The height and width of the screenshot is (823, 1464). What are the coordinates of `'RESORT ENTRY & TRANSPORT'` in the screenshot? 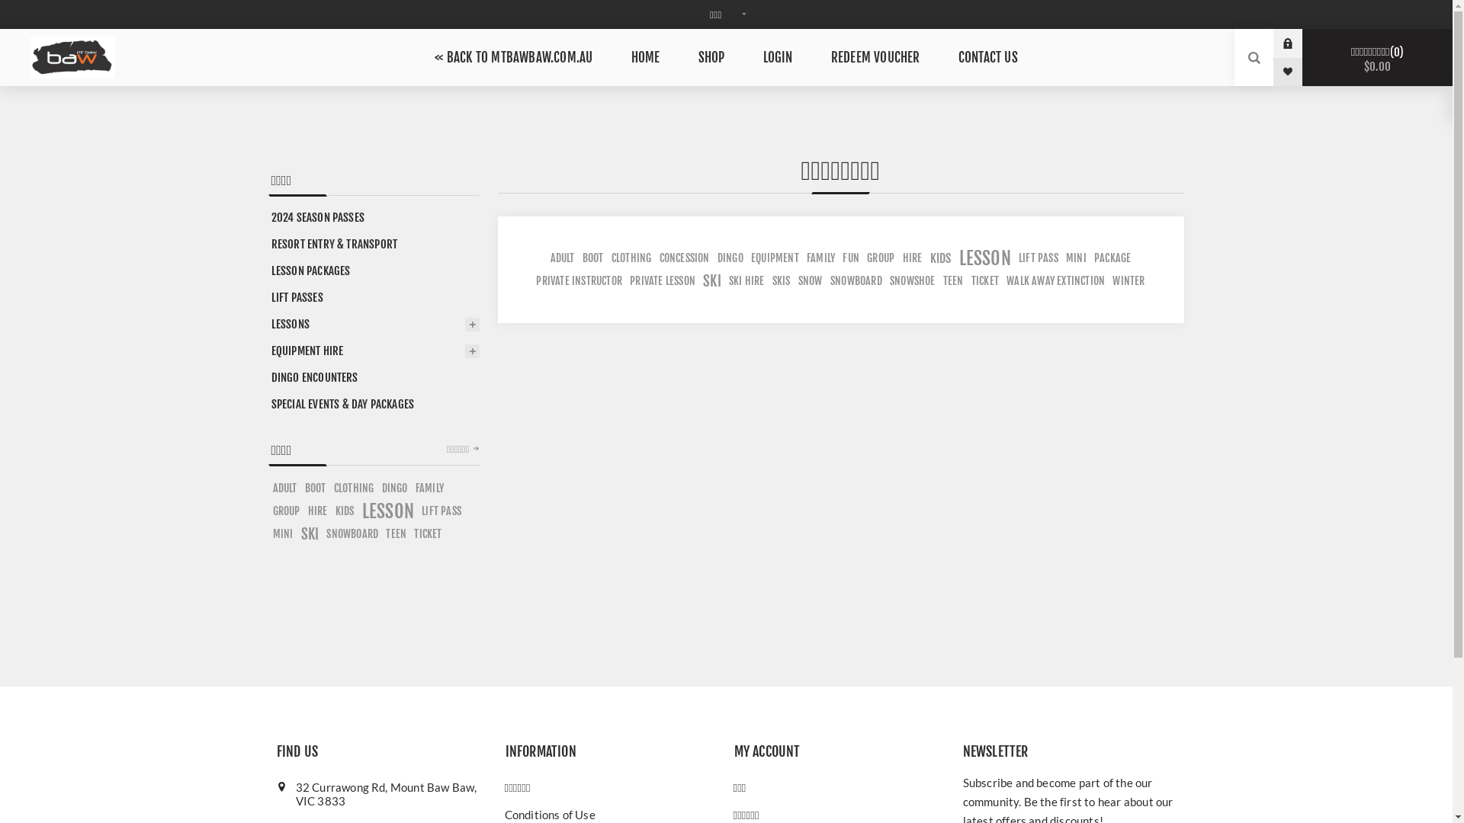 It's located at (373, 243).